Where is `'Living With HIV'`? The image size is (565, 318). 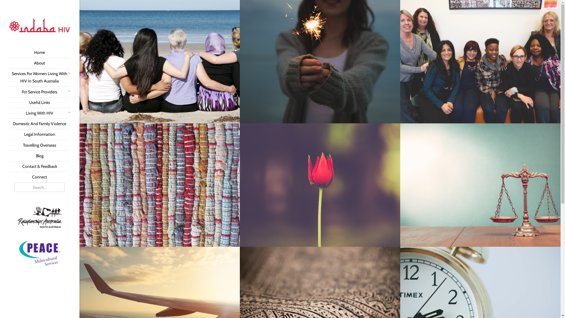
'Living With HIV' is located at coordinates (39, 113).